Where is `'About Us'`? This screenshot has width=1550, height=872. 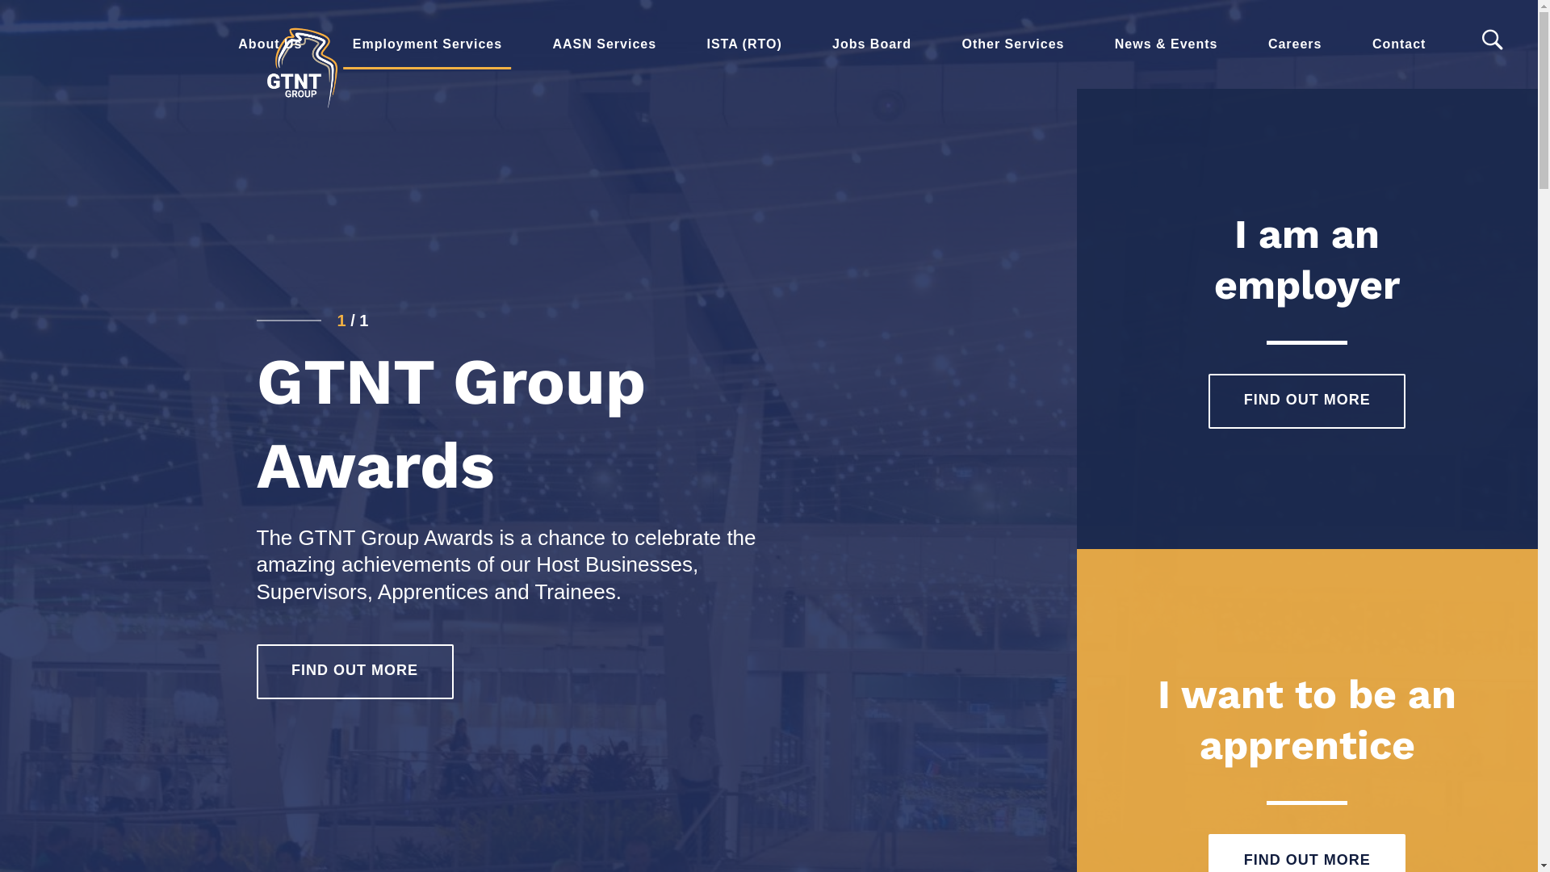
'About Us' is located at coordinates (270, 43).